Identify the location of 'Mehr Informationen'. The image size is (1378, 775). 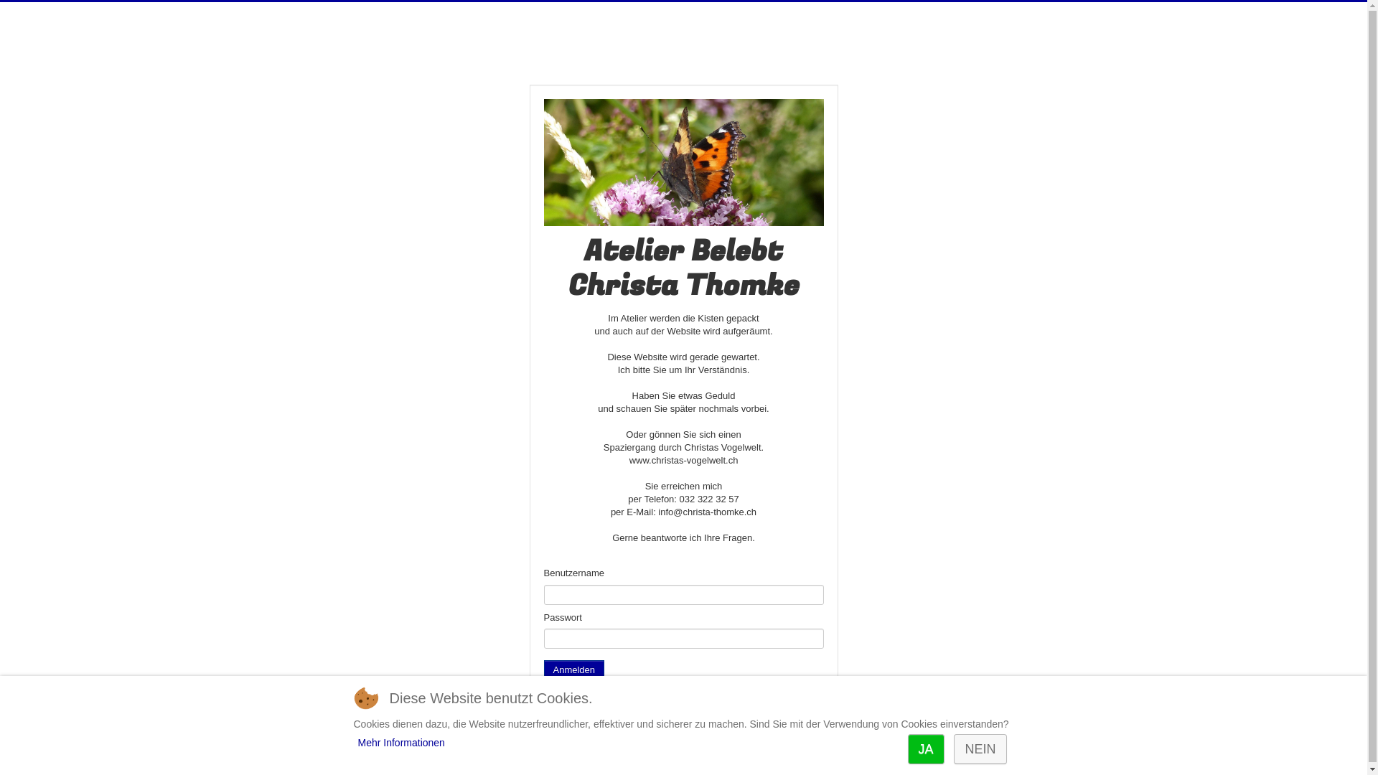
(400, 742).